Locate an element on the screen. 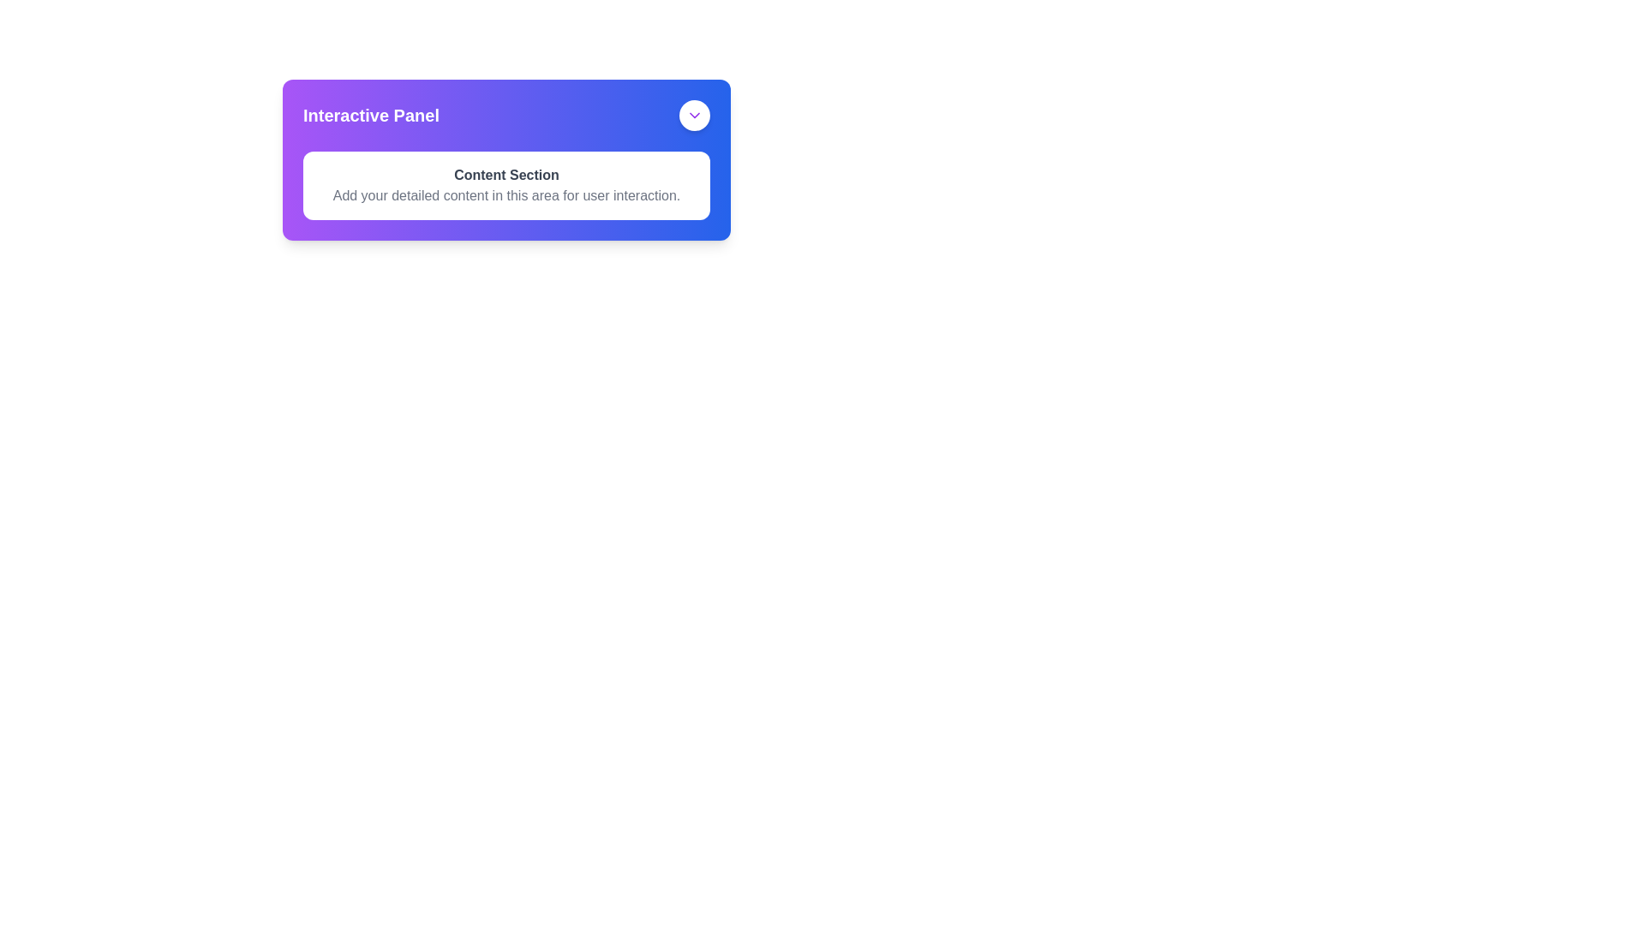  the chevron-down icon located inside the circular button with a white background and purple stroke, positioned near the top-right corner of the 'Interactive Panel' is located at coordinates (695, 116).